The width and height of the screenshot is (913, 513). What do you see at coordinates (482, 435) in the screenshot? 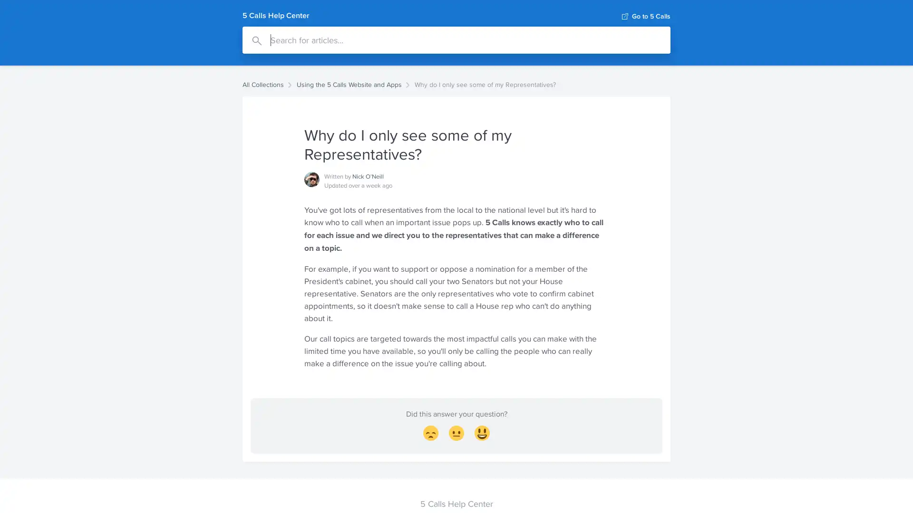
I see `Smiley Reaction` at bounding box center [482, 435].